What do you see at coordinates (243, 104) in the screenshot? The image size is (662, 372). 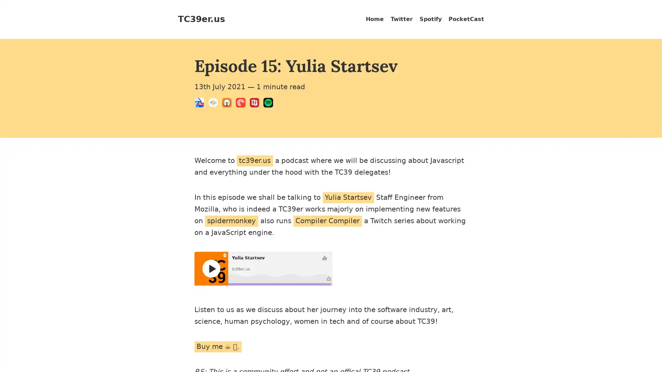 I see `Pocket Casts Logo` at bounding box center [243, 104].